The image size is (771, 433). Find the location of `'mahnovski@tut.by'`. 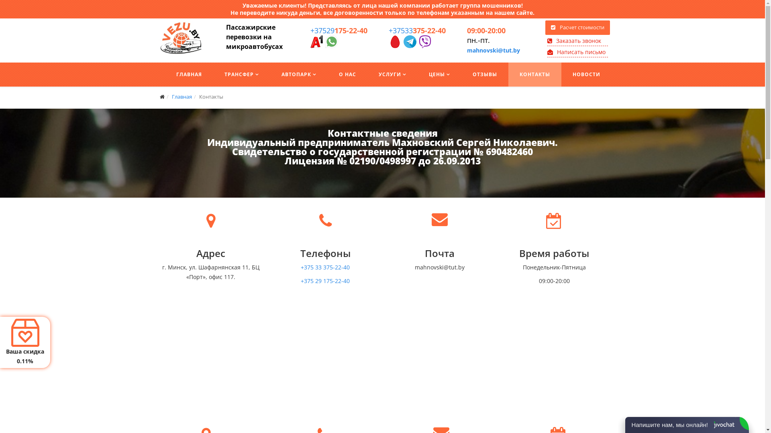

'mahnovski@tut.by' is located at coordinates (493, 50).